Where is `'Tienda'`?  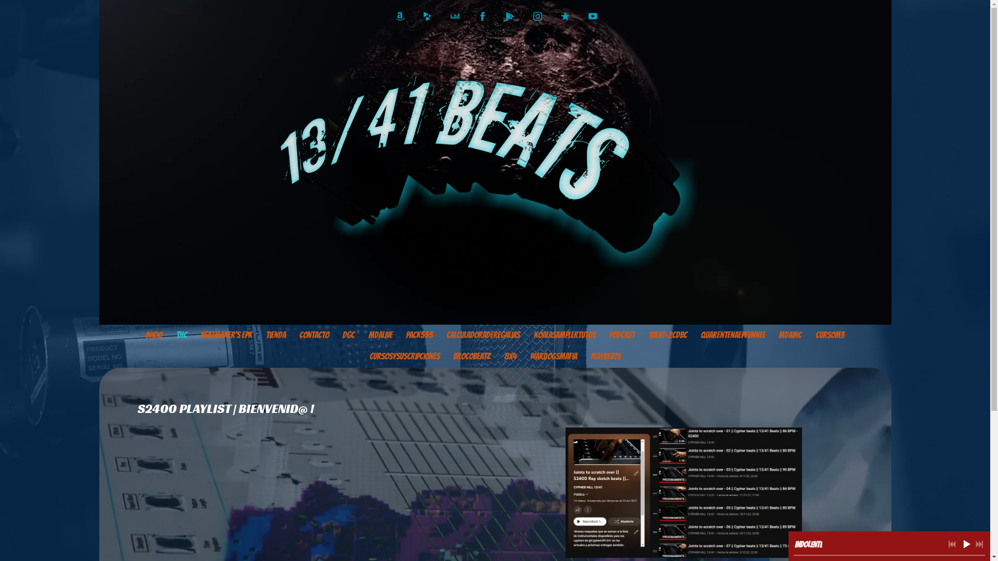 'Tienda' is located at coordinates (259, 335).